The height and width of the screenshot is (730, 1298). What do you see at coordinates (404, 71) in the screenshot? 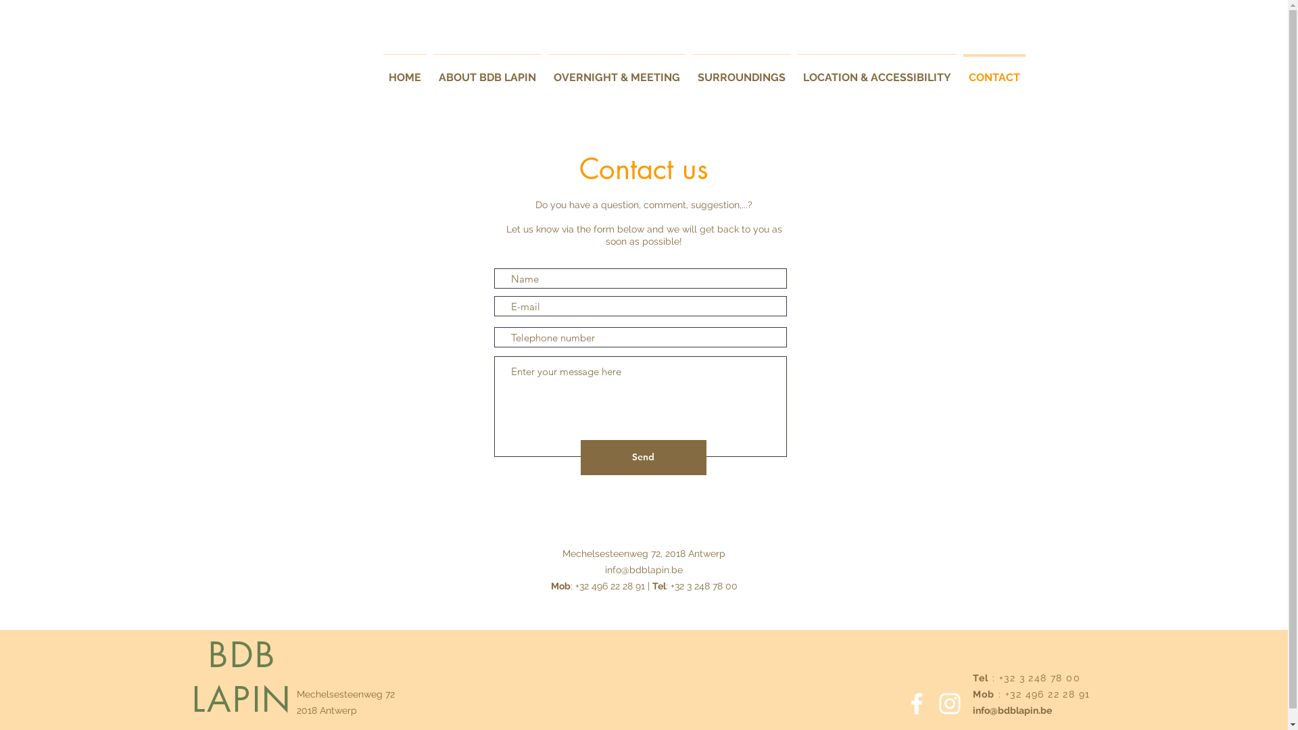
I see `'HOME'` at bounding box center [404, 71].